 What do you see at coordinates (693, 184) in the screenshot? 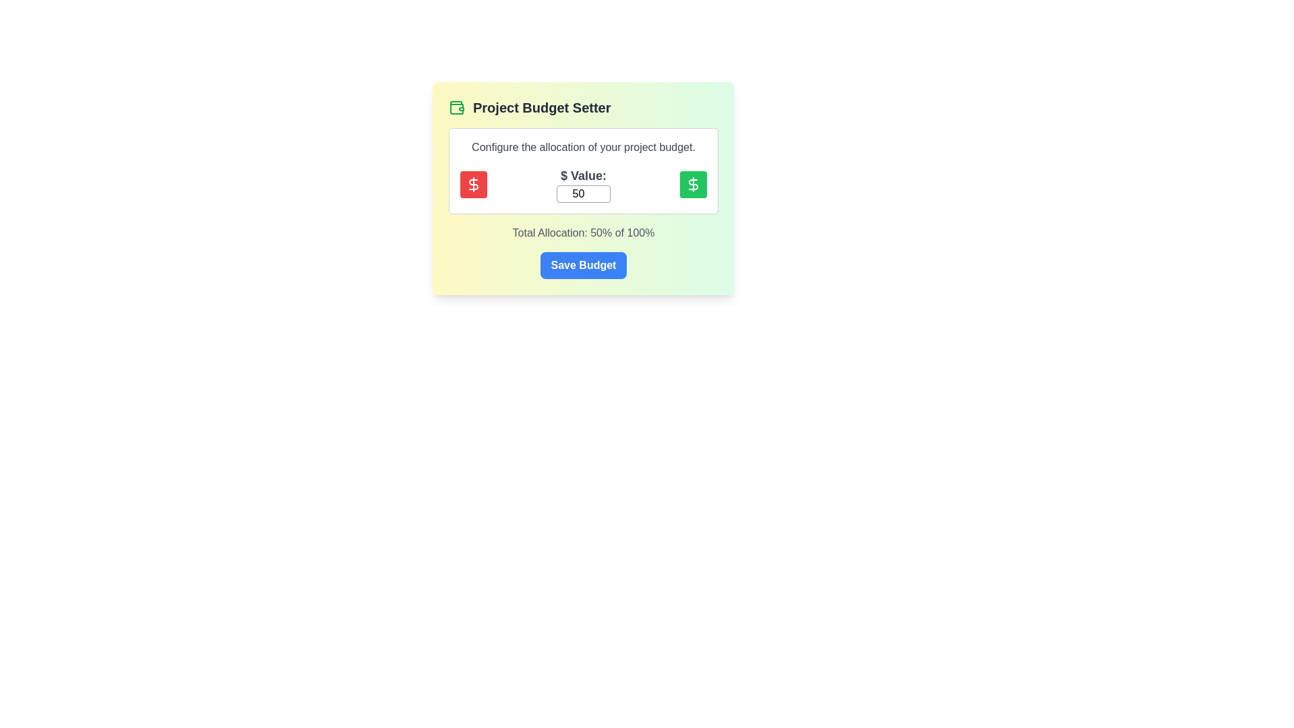
I see `the red dollar symbol icon representing currency-related actions next to the '$ Value' input field to understand its function` at bounding box center [693, 184].